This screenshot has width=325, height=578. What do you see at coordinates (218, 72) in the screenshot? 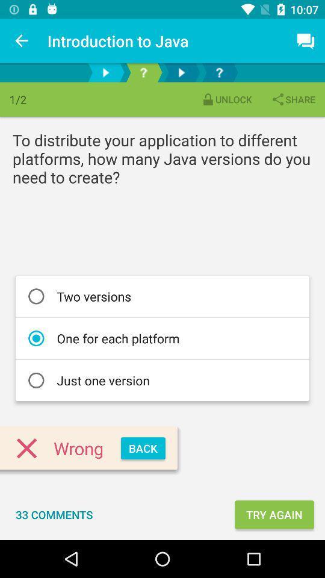
I see `get help` at bounding box center [218, 72].